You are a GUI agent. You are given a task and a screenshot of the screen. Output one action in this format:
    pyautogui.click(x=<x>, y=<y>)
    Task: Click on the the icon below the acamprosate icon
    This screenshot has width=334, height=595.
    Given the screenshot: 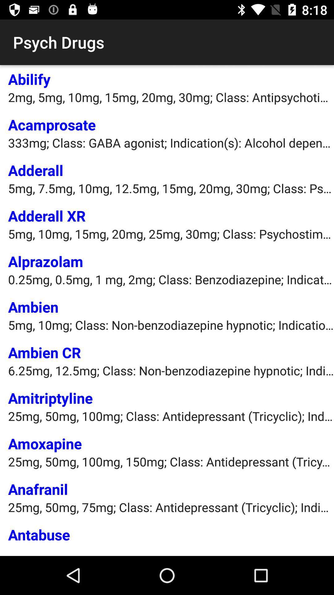 What is the action you would take?
    pyautogui.click(x=171, y=142)
    